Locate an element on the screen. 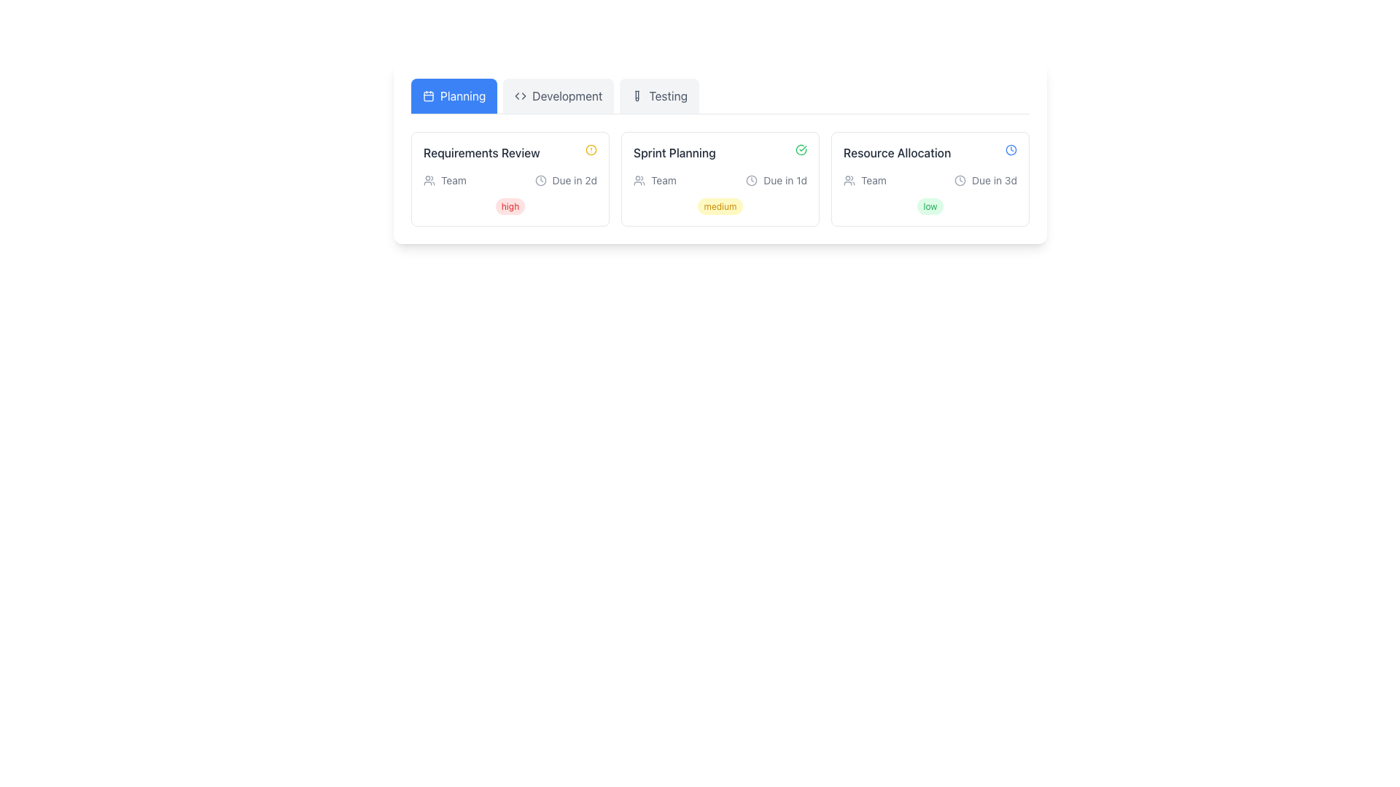 The image size is (1400, 787). the 'Development' tab, which is the second tab in the horizontal tab group is located at coordinates (558, 95).